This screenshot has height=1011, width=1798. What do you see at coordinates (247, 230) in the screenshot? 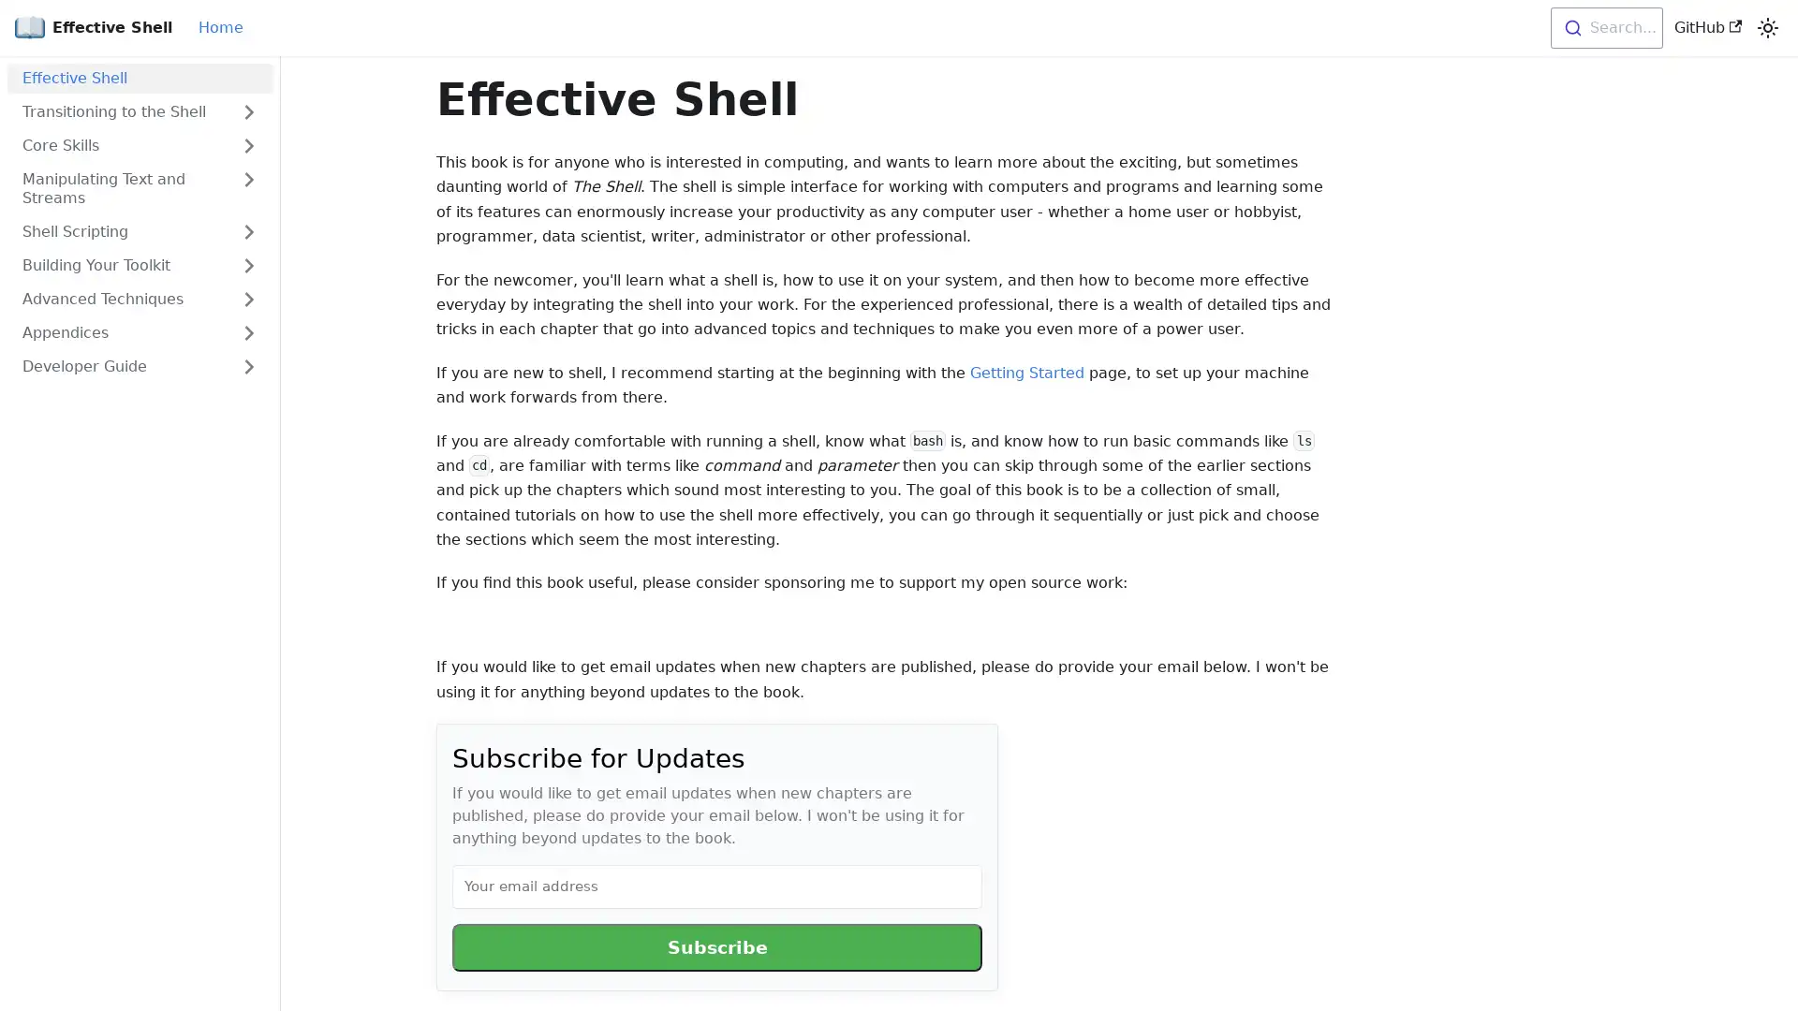
I see `Toggle the collapsible sidebar category 'Shell Scripting'` at bounding box center [247, 230].